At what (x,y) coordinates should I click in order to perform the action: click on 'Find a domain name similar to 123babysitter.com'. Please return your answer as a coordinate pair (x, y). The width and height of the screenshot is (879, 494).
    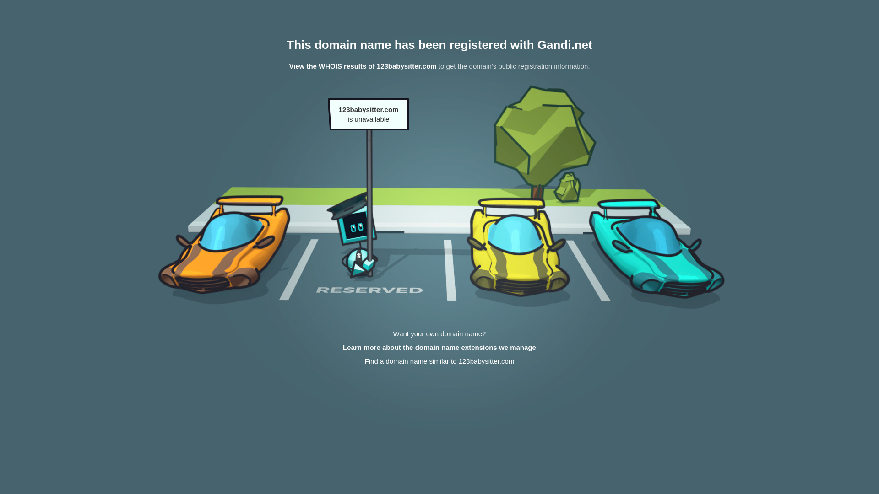
    Looking at the image, I should click on (439, 360).